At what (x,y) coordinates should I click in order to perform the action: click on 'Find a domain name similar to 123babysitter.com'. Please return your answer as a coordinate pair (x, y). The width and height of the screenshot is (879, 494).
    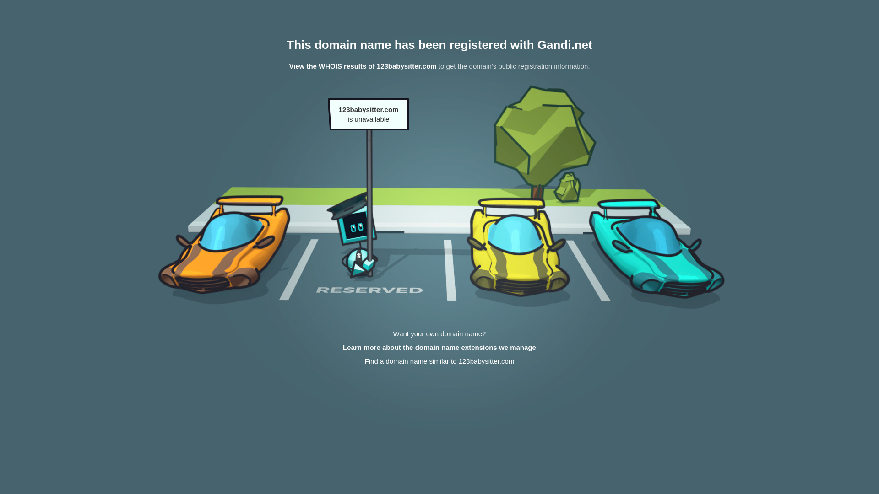
    Looking at the image, I should click on (439, 360).